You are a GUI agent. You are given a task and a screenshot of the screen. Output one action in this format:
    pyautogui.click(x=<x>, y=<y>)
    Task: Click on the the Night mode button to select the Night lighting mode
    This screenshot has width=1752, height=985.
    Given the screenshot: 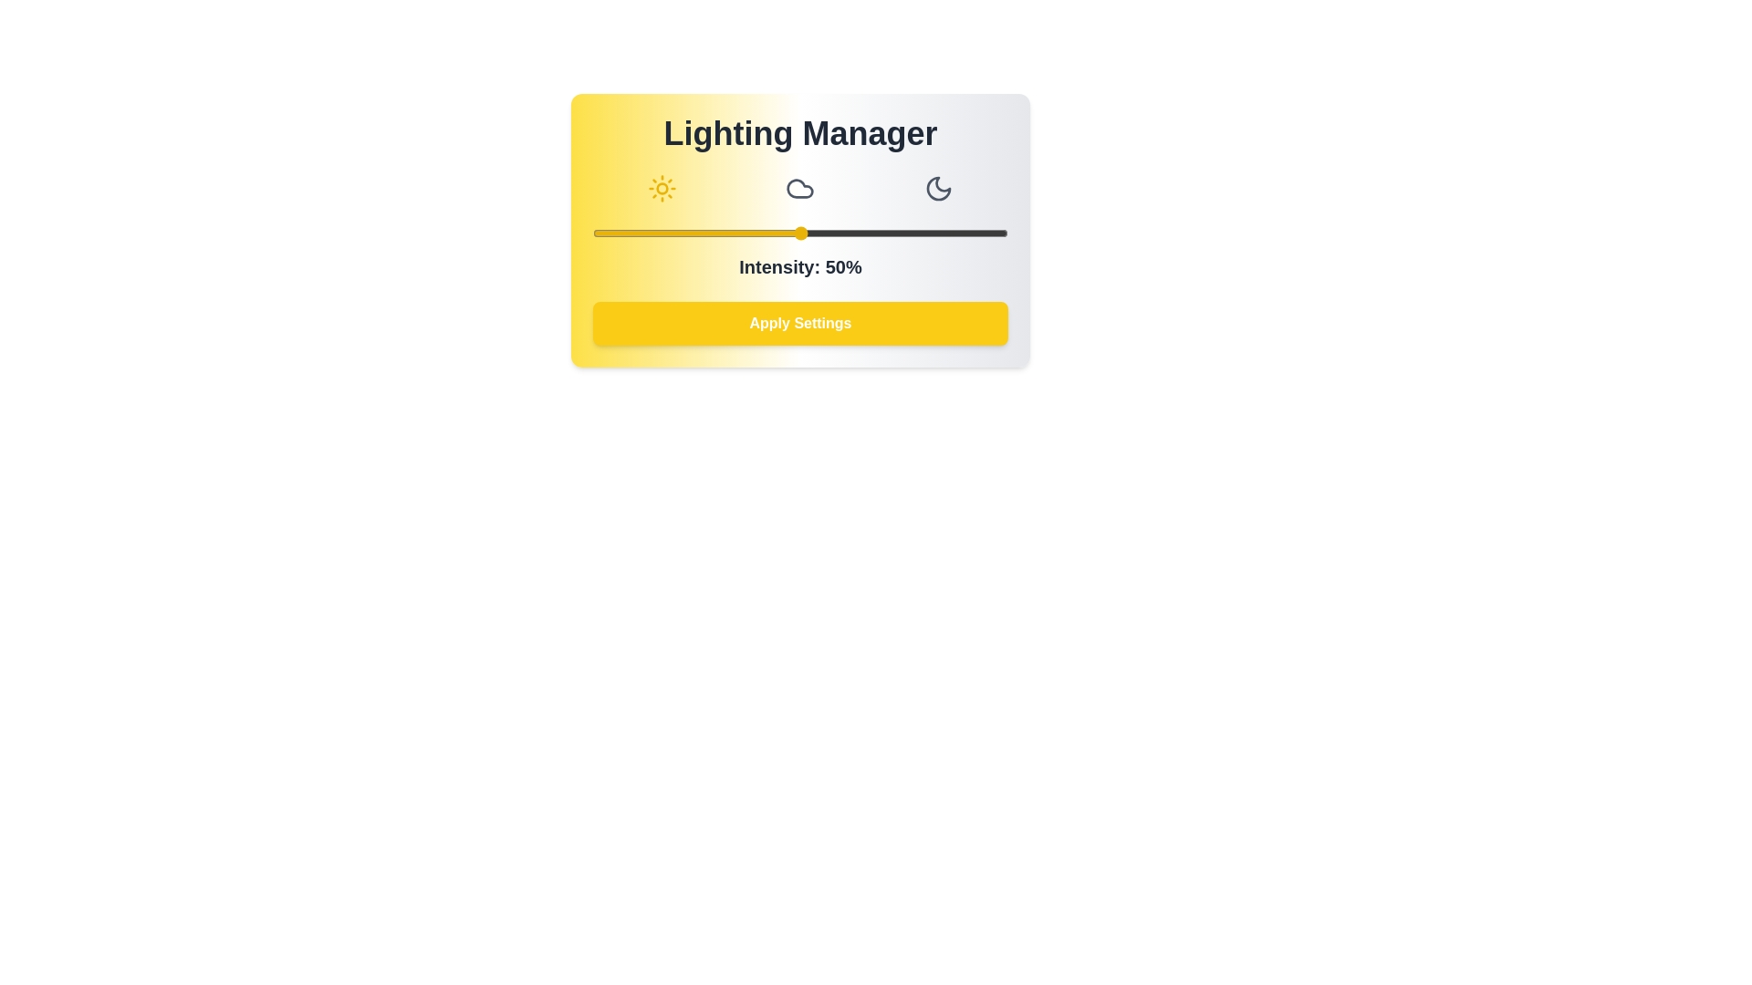 What is the action you would take?
    pyautogui.click(x=938, y=189)
    